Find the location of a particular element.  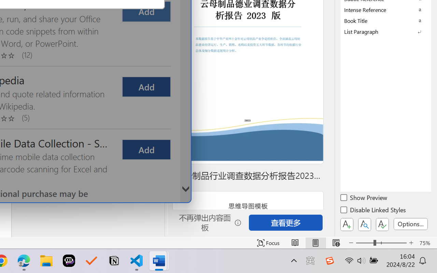

'Intense Reference' is located at coordinates (386, 10).